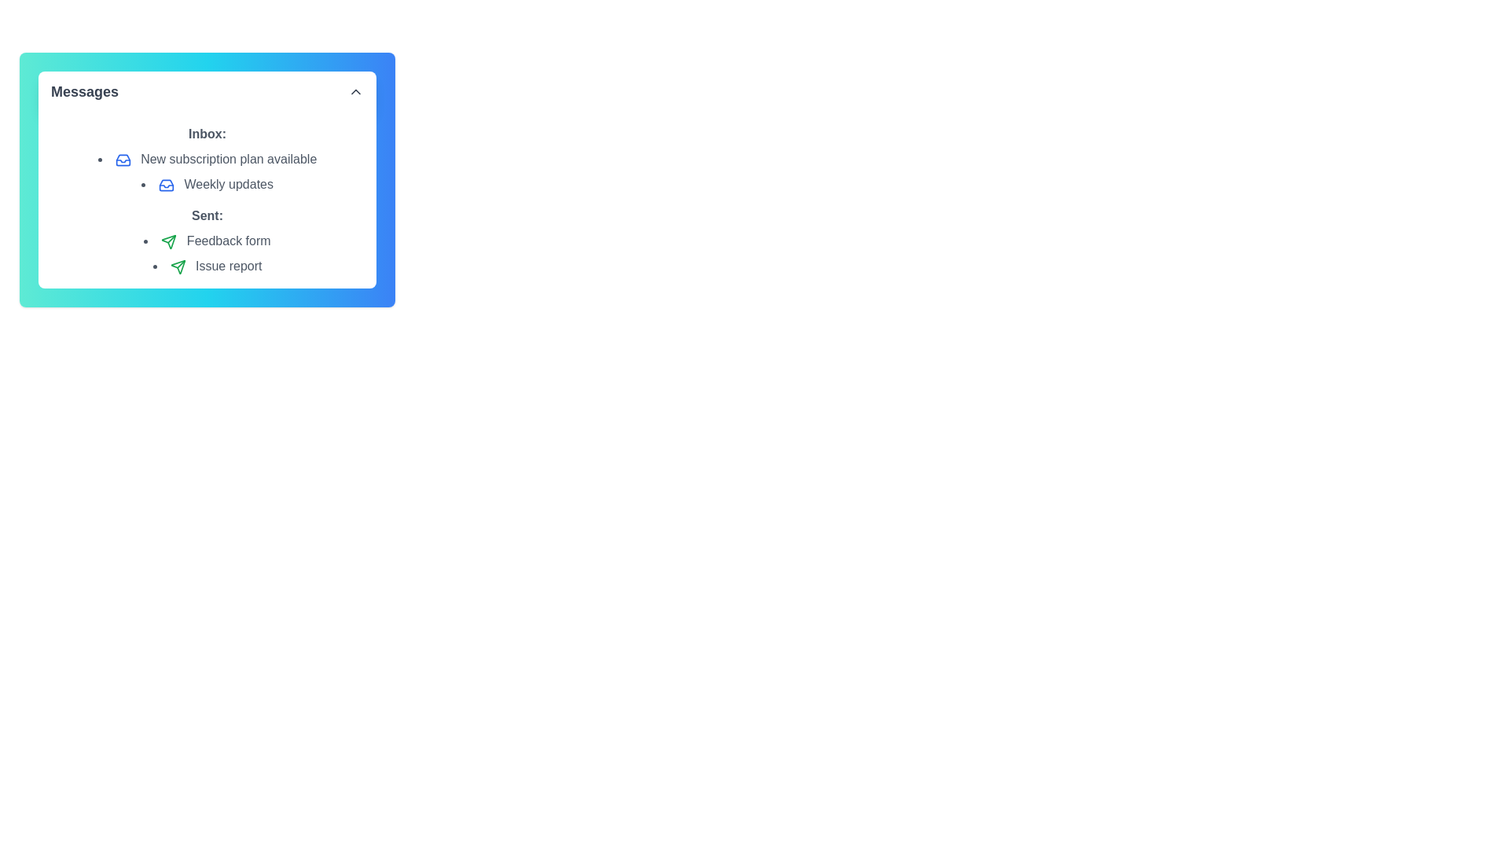 The image size is (1509, 849). Describe the element at coordinates (207, 253) in the screenshot. I see `the bullet point list group containing the items 'Feedback form' and 'Issue report' within the 'Sent:' section of the 'Messages' box` at that location.